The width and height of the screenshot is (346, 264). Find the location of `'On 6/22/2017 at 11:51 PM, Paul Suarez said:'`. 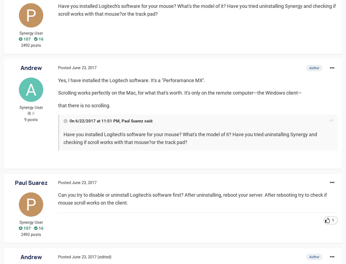

'On 6/22/2017 at 11:51 PM, Paul Suarez said:' is located at coordinates (111, 121).